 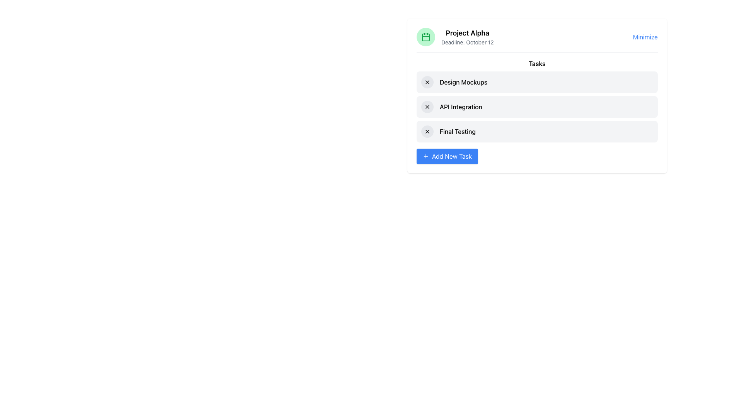 What do you see at coordinates (427, 131) in the screenshot?
I see `the button` at bounding box center [427, 131].